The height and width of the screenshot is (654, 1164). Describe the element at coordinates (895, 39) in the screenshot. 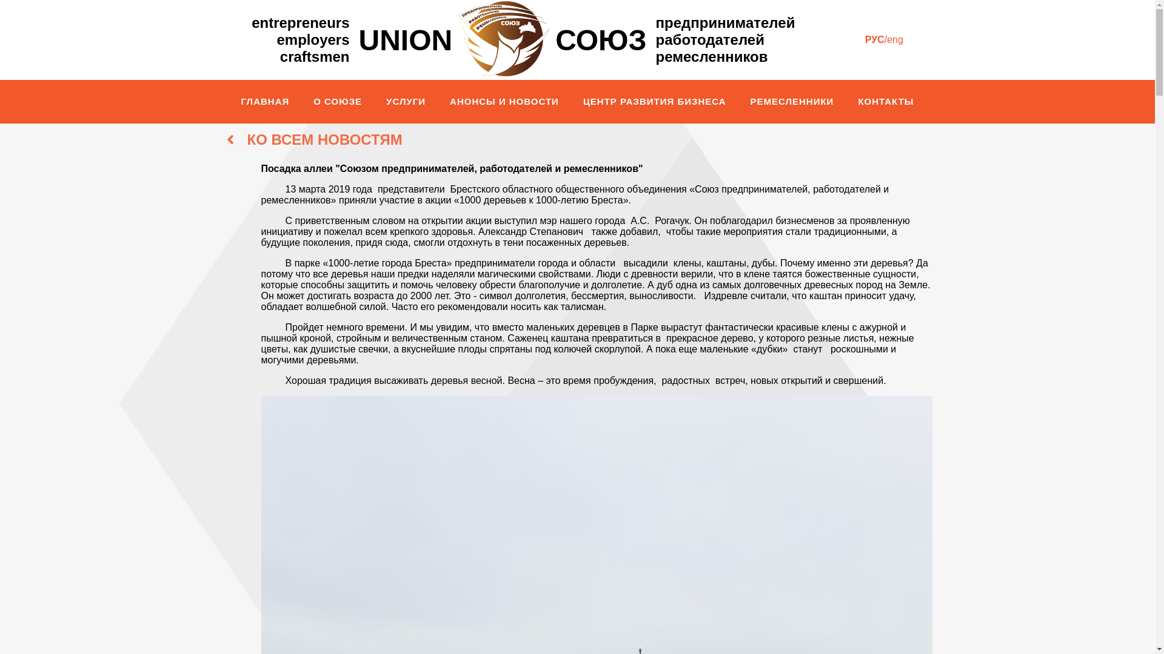

I see `'eng'` at that location.